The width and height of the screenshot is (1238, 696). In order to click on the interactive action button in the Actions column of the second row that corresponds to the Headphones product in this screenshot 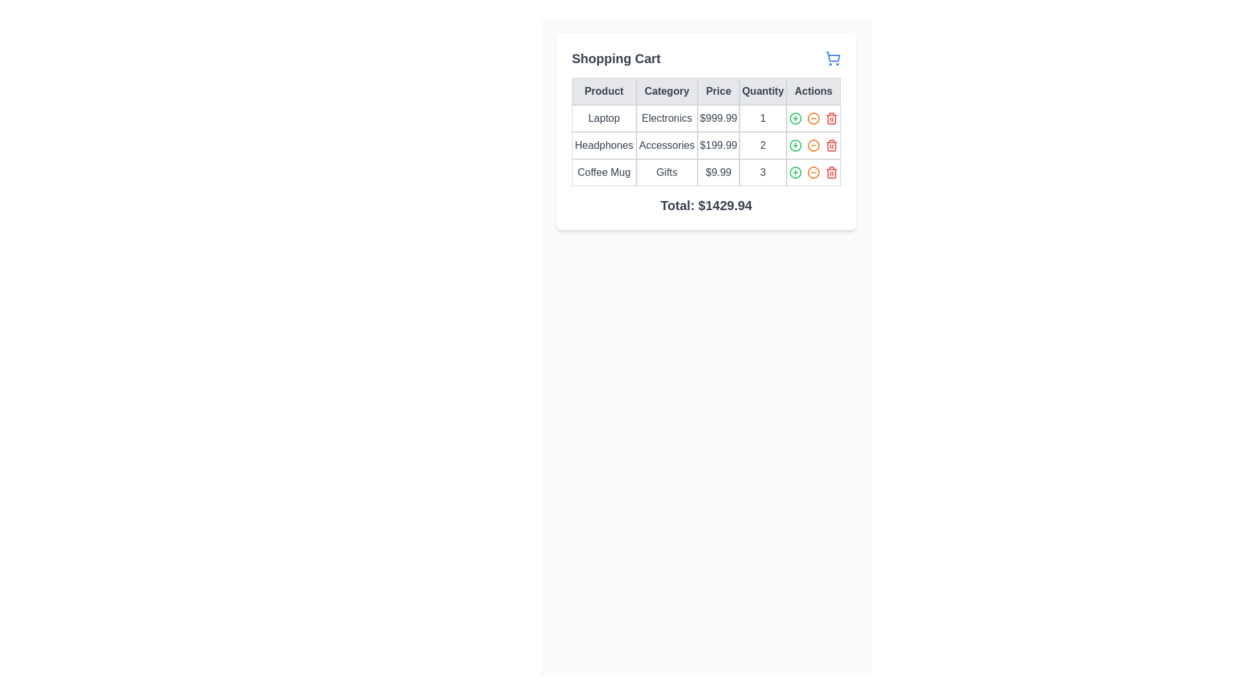, I will do `click(812, 145)`.